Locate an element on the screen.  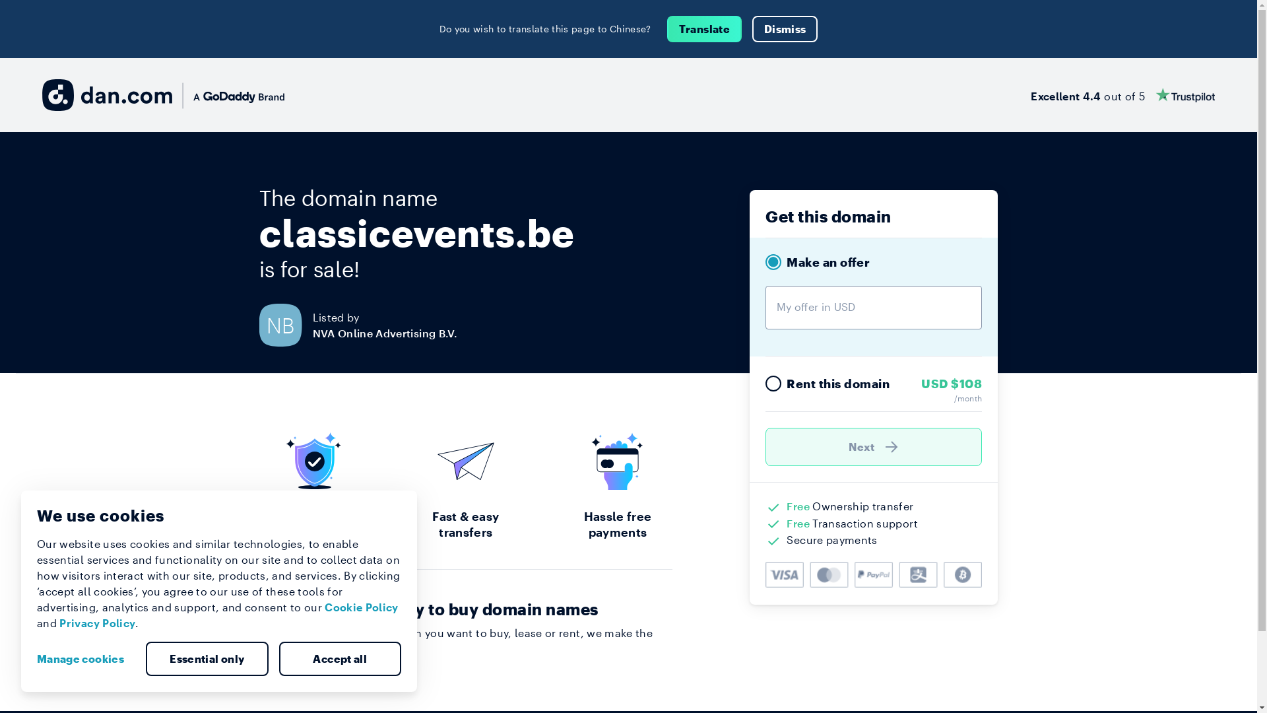
'Cookie Policy' is located at coordinates (361, 607).